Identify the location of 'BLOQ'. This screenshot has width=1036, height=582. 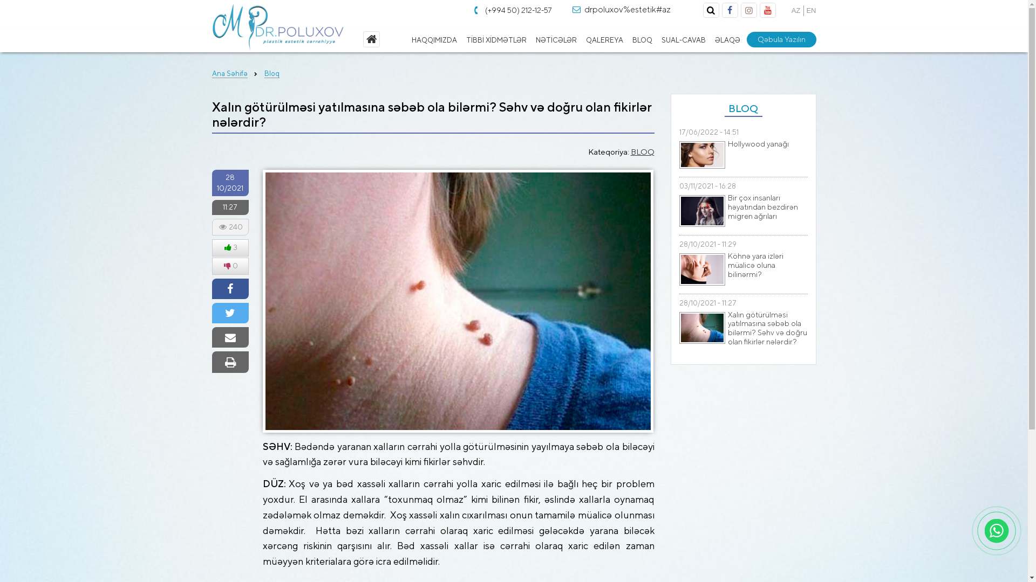
(631, 39).